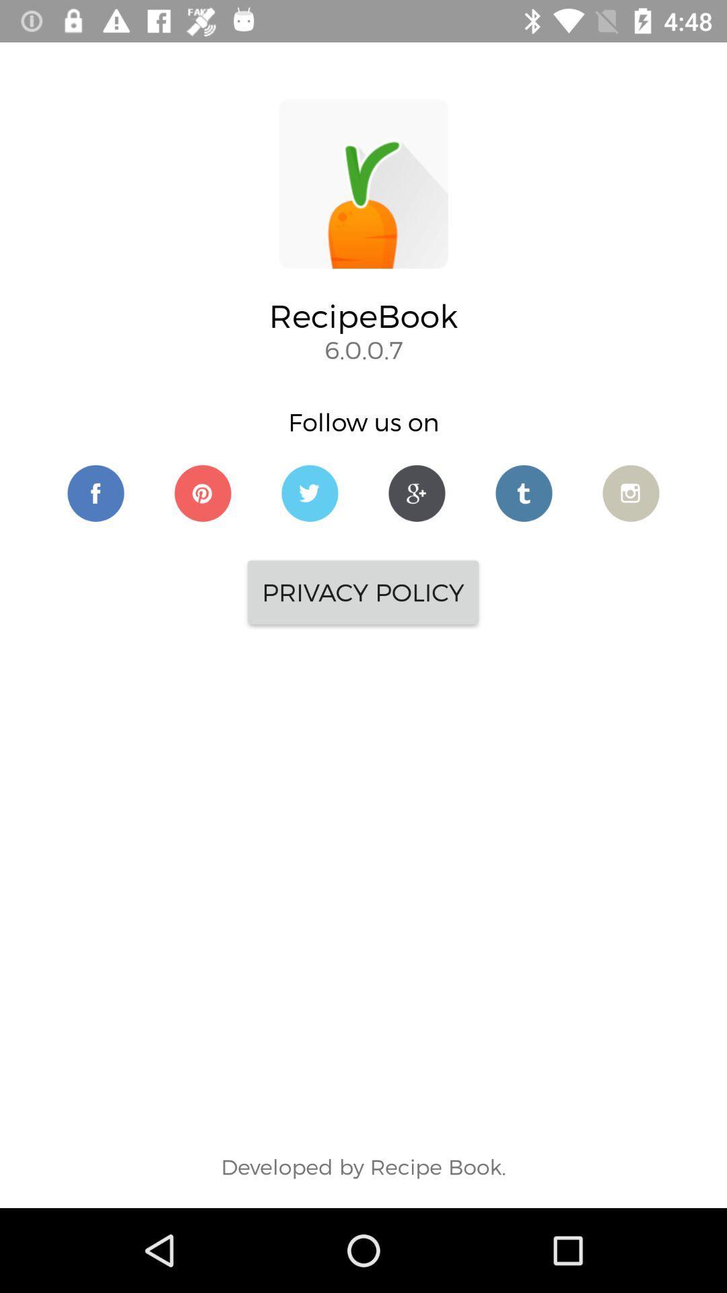 The image size is (727, 1293). Describe the element at coordinates (416, 492) in the screenshot. I see `a place to access google+` at that location.